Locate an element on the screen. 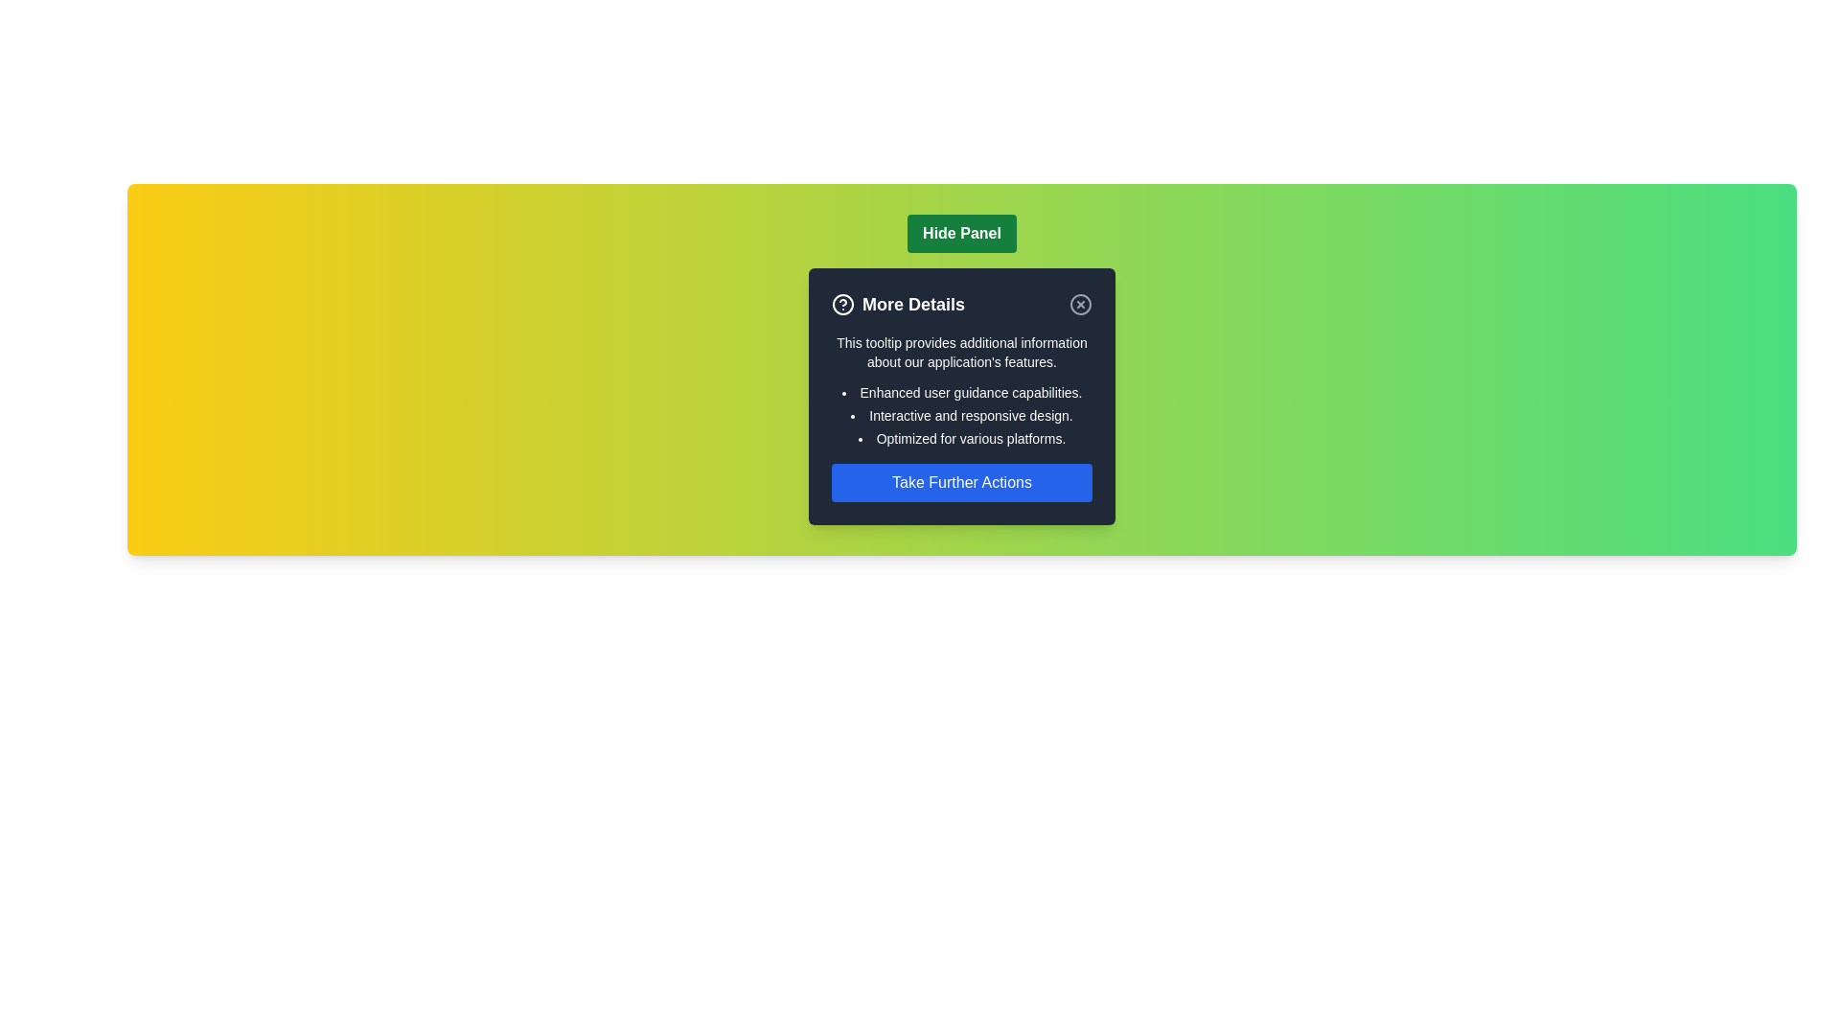 This screenshot has width=1840, height=1035. the first item in the bulleted list that reads 'Enhanced user guidance capabilities.' within the tooltip-like widget is located at coordinates (961, 391).